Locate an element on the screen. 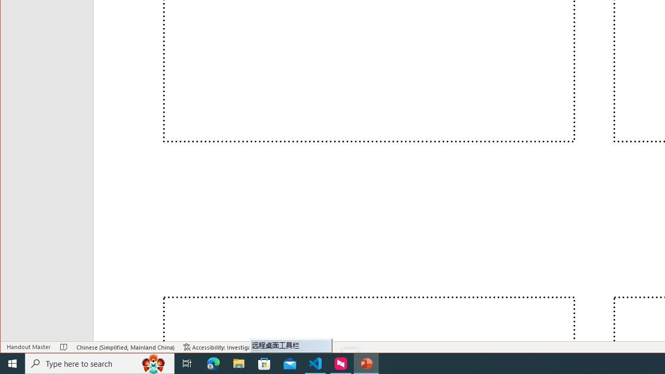 This screenshot has width=665, height=374. 'Microsoft Edge' is located at coordinates (213, 363).